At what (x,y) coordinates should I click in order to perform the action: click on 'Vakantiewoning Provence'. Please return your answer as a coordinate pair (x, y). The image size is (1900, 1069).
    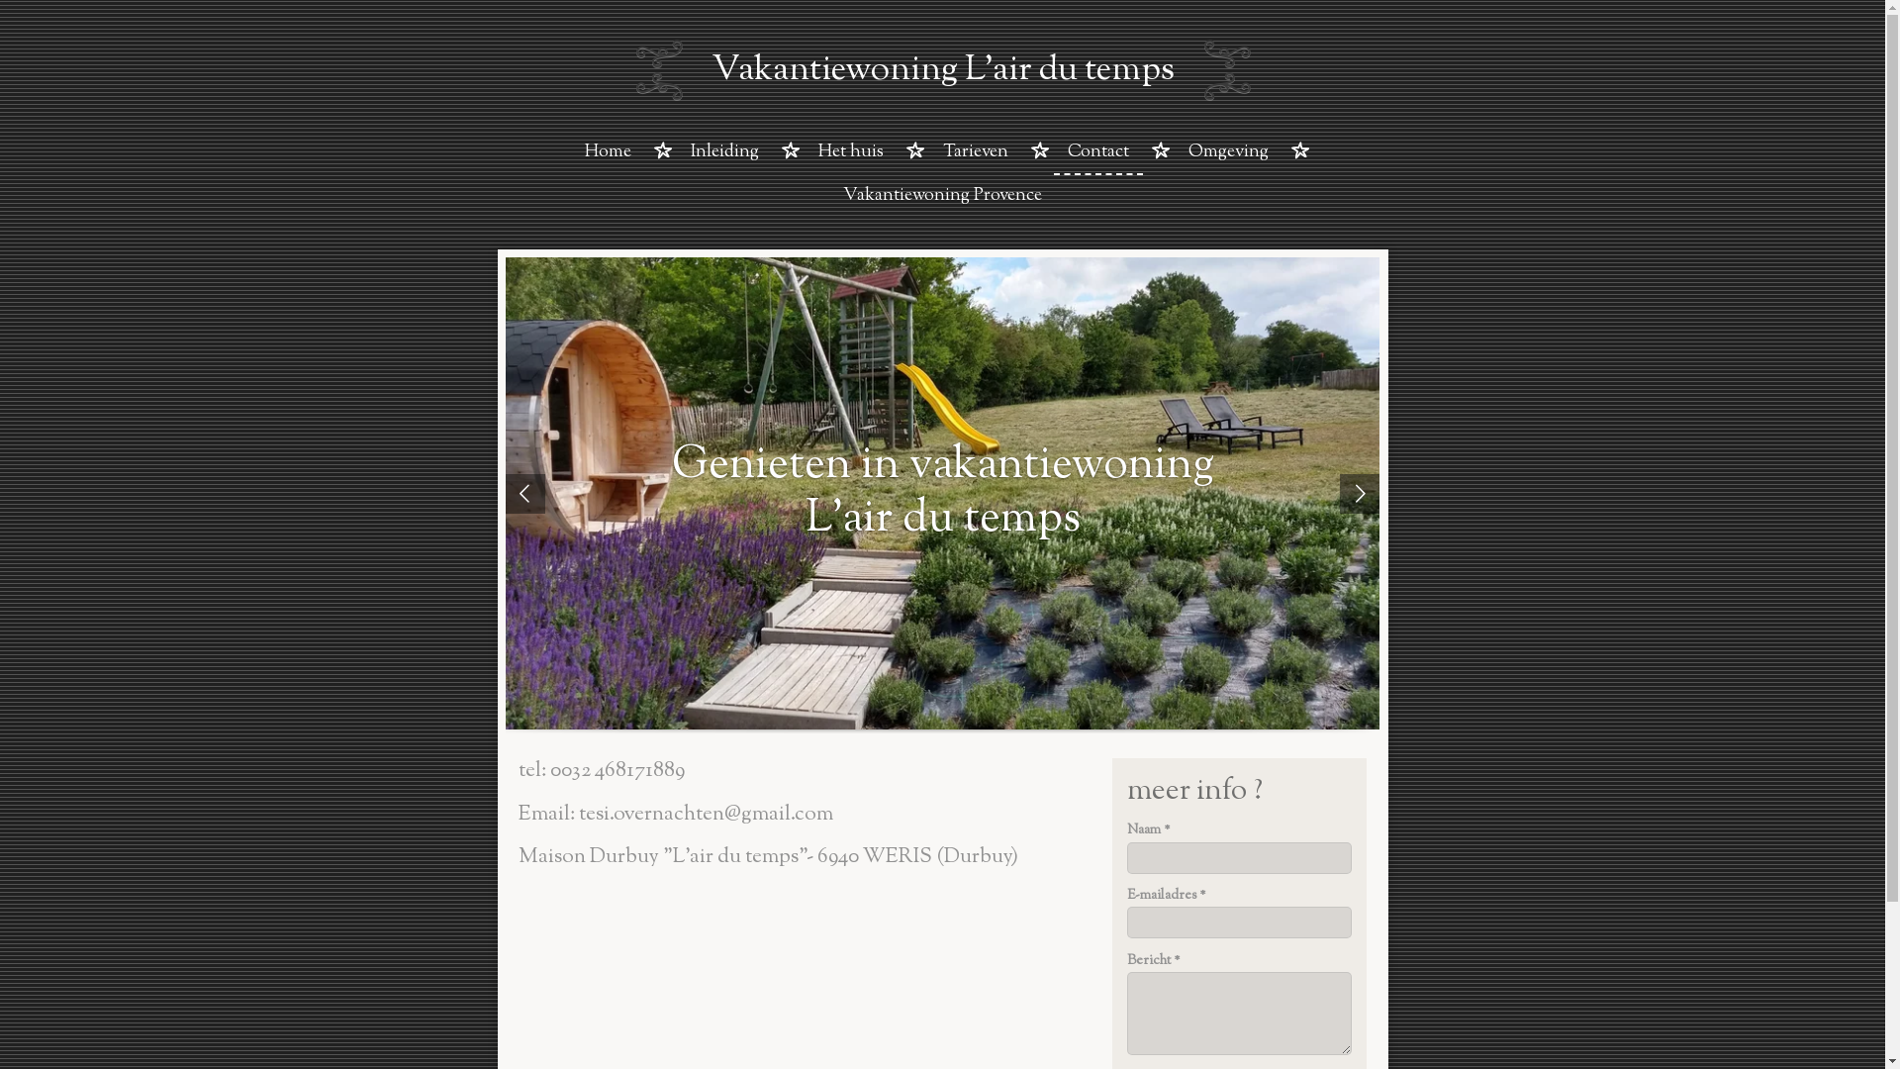
    Looking at the image, I should click on (941, 197).